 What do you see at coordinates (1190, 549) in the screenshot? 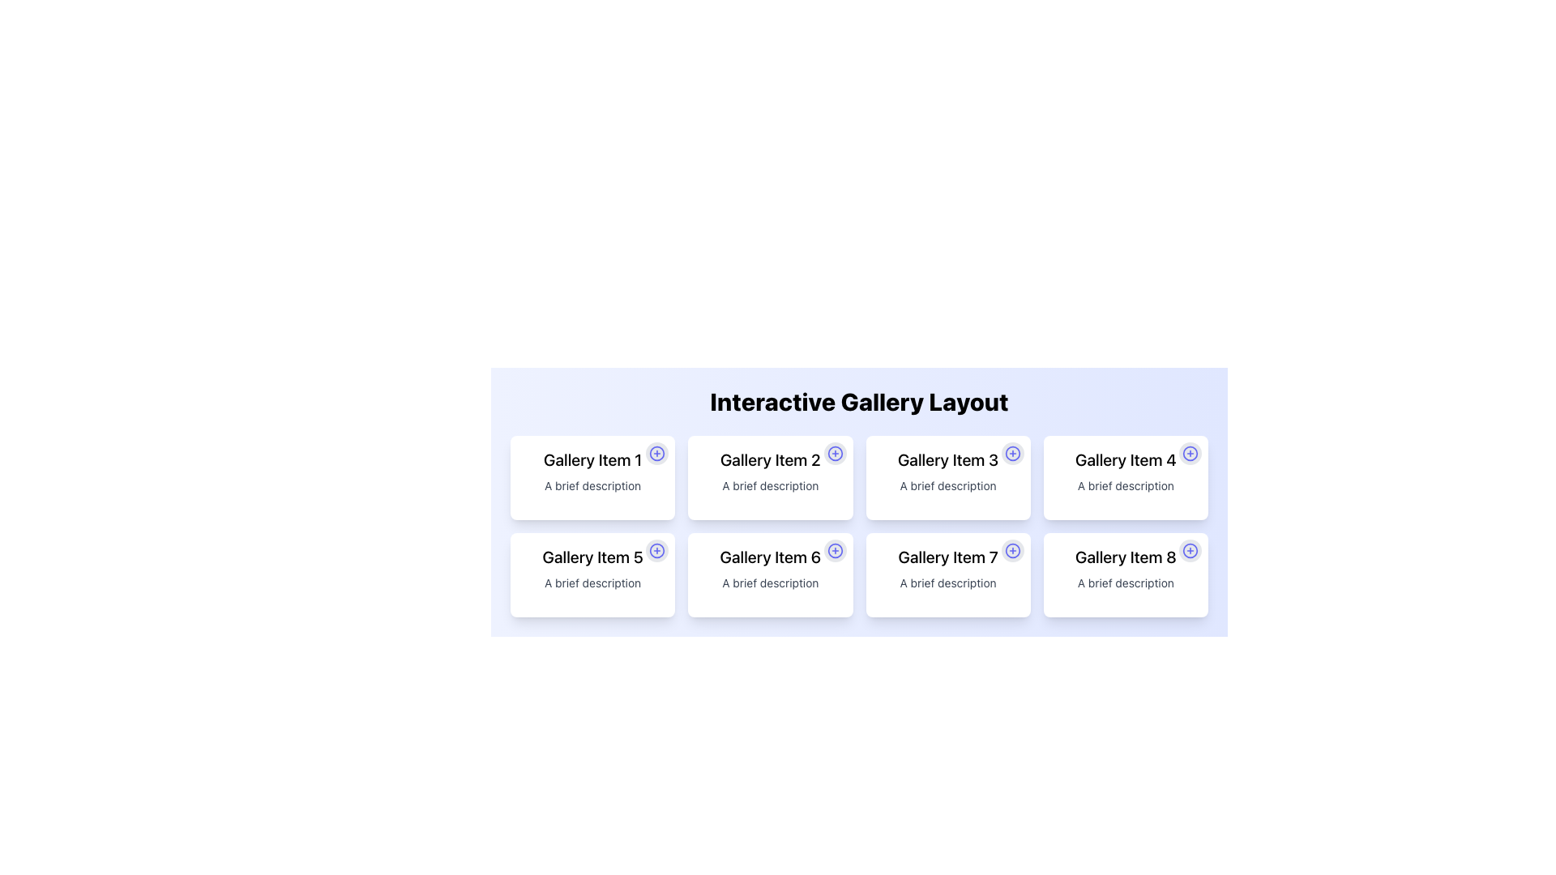
I see `the circular icon button with a plus symbol, located in the top-right corner of the card labeled 'Gallery Item 8'` at bounding box center [1190, 549].